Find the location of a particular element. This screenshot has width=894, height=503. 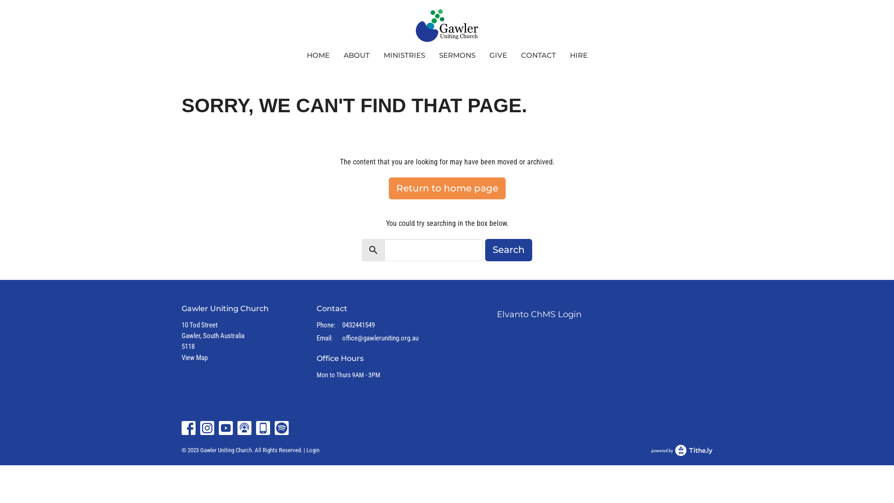

'Login' is located at coordinates (306, 449).